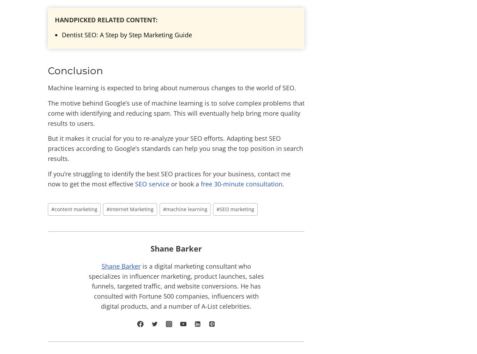 The image size is (477, 354). I want to click on 'Dentist SEO: A Step by Step Marketing Guide', so click(126, 34).